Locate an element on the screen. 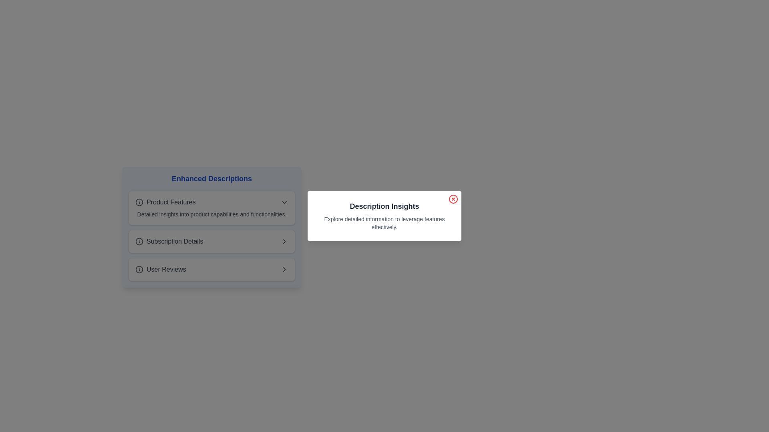 The image size is (769, 432). the circular graphical element that is part of the 'User Reviews' icon, located to the left of the 'User Reviews' text is located at coordinates (139, 270).